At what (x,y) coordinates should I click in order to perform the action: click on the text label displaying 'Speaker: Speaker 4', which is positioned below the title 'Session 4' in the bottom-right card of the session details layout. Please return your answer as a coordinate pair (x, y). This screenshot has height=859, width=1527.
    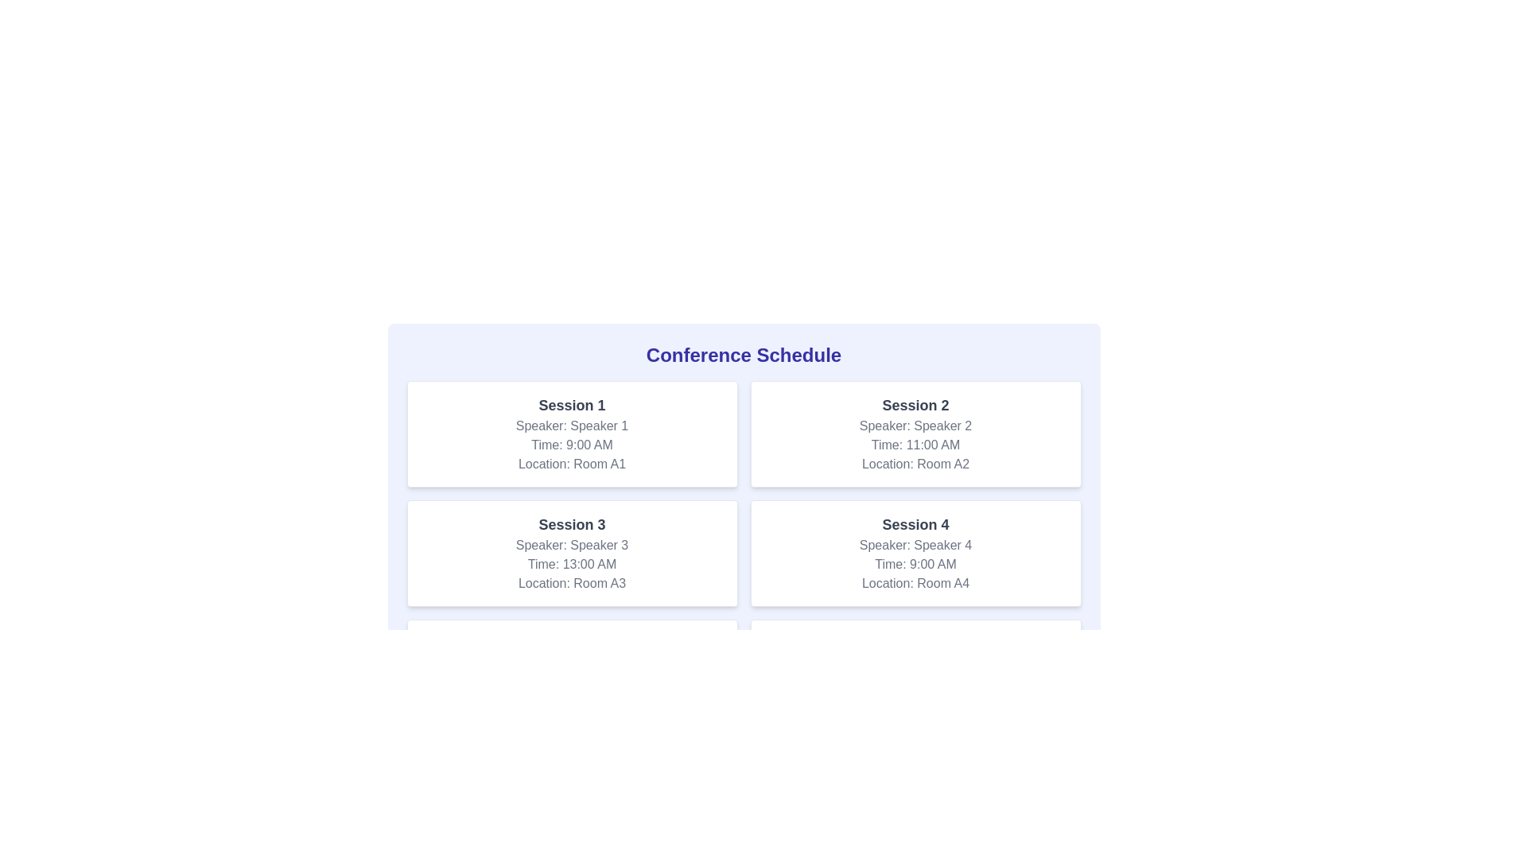
    Looking at the image, I should click on (915, 545).